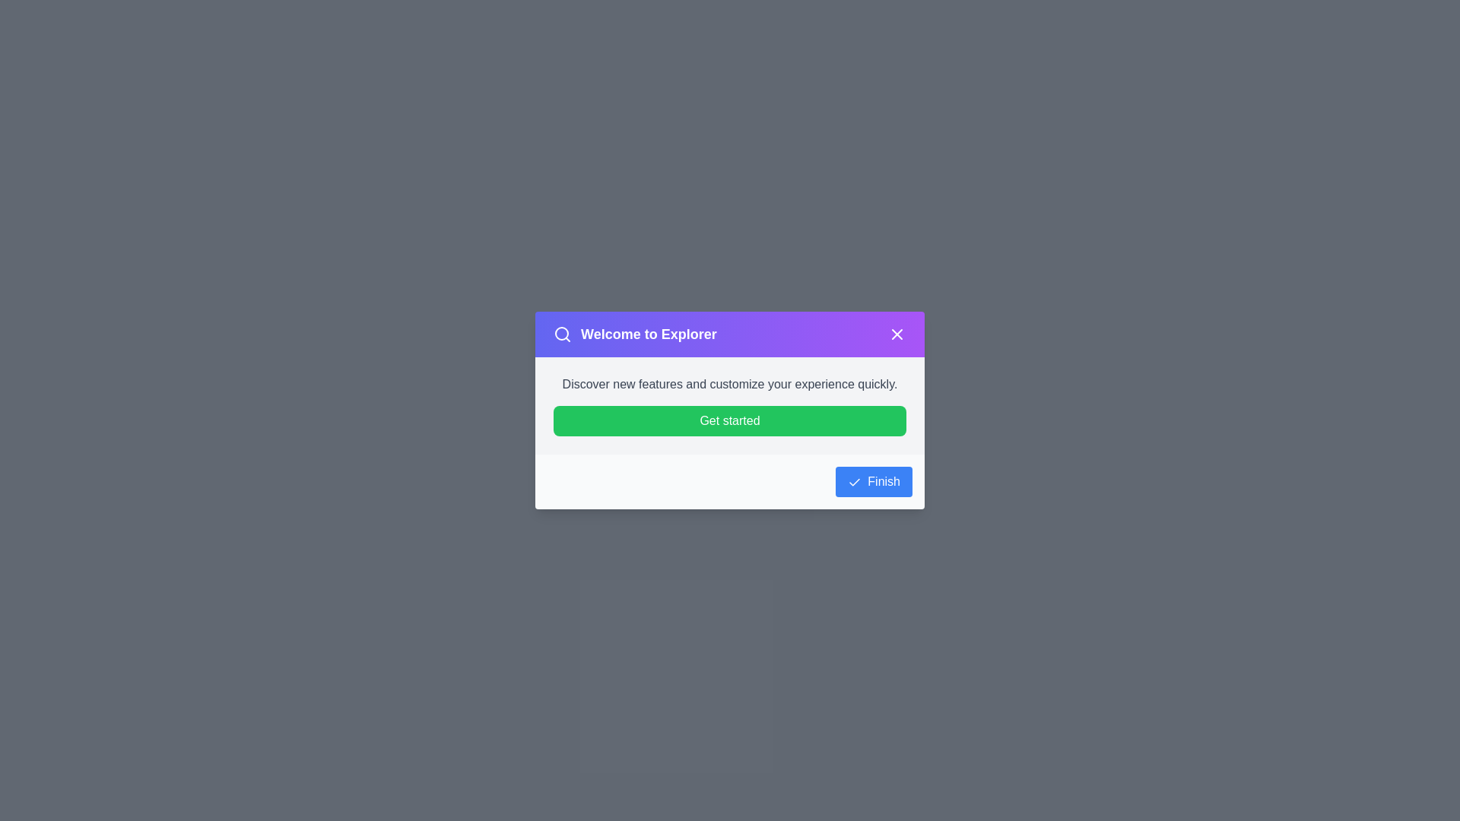 The width and height of the screenshot is (1460, 821). What do you see at coordinates (730, 421) in the screenshot?
I see `'Get started' button in the dialog` at bounding box center [730, 421].